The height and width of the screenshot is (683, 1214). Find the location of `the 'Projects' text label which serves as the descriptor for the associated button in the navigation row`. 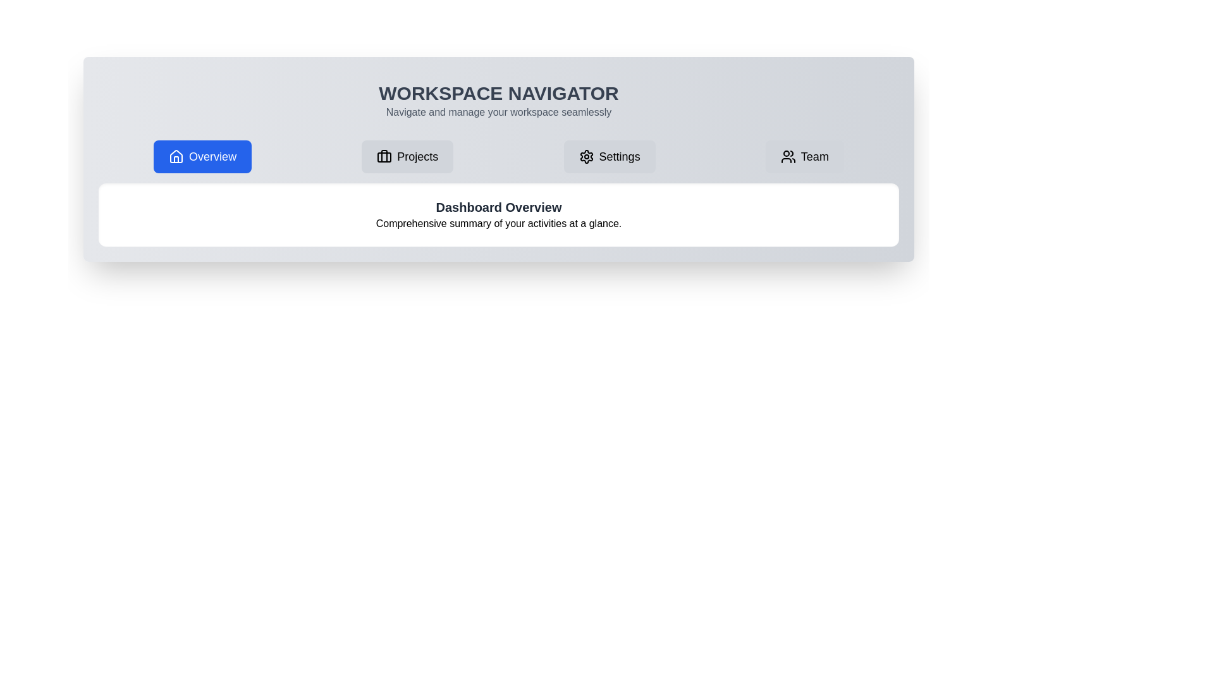

the 'Projects' text label which serves as the descriptor for the associated button in the navigation row is located at coordinates (417, 156).